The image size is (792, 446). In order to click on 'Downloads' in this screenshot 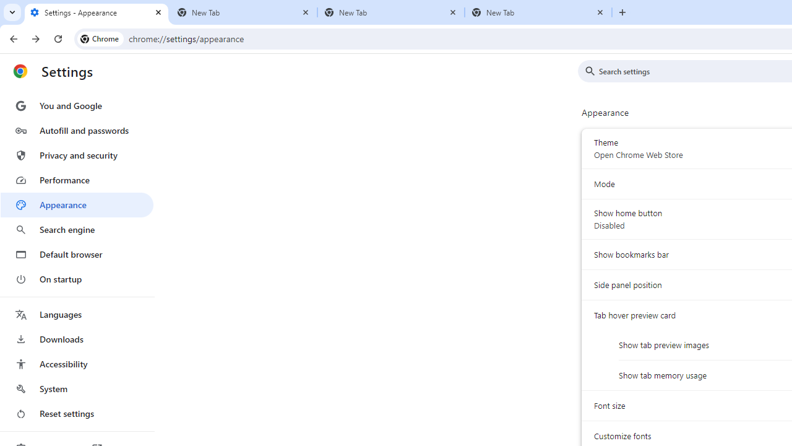, I will do `click(76, 339)`.